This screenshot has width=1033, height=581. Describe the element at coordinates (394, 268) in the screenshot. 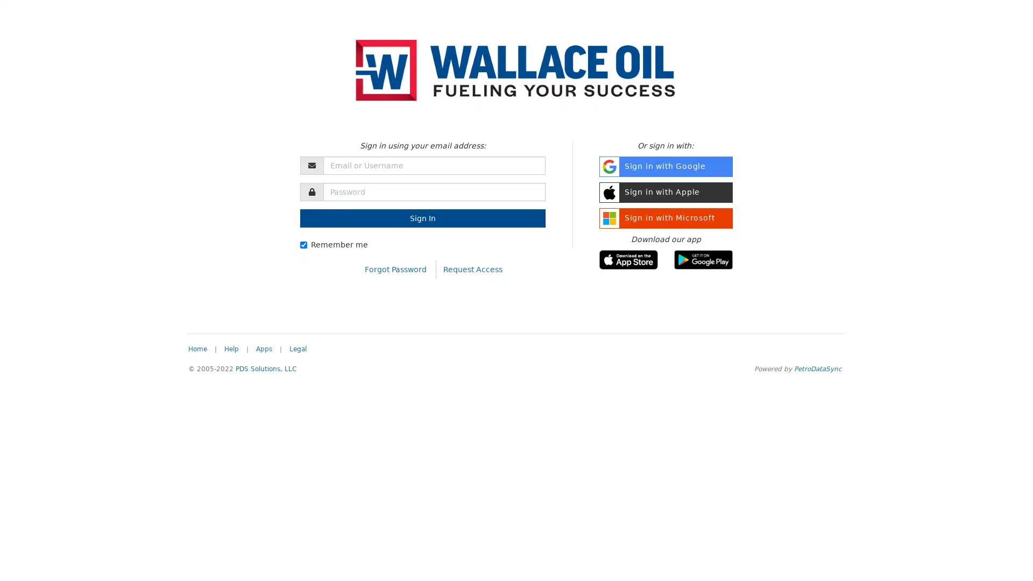

I see `Forgot Password` at that location.